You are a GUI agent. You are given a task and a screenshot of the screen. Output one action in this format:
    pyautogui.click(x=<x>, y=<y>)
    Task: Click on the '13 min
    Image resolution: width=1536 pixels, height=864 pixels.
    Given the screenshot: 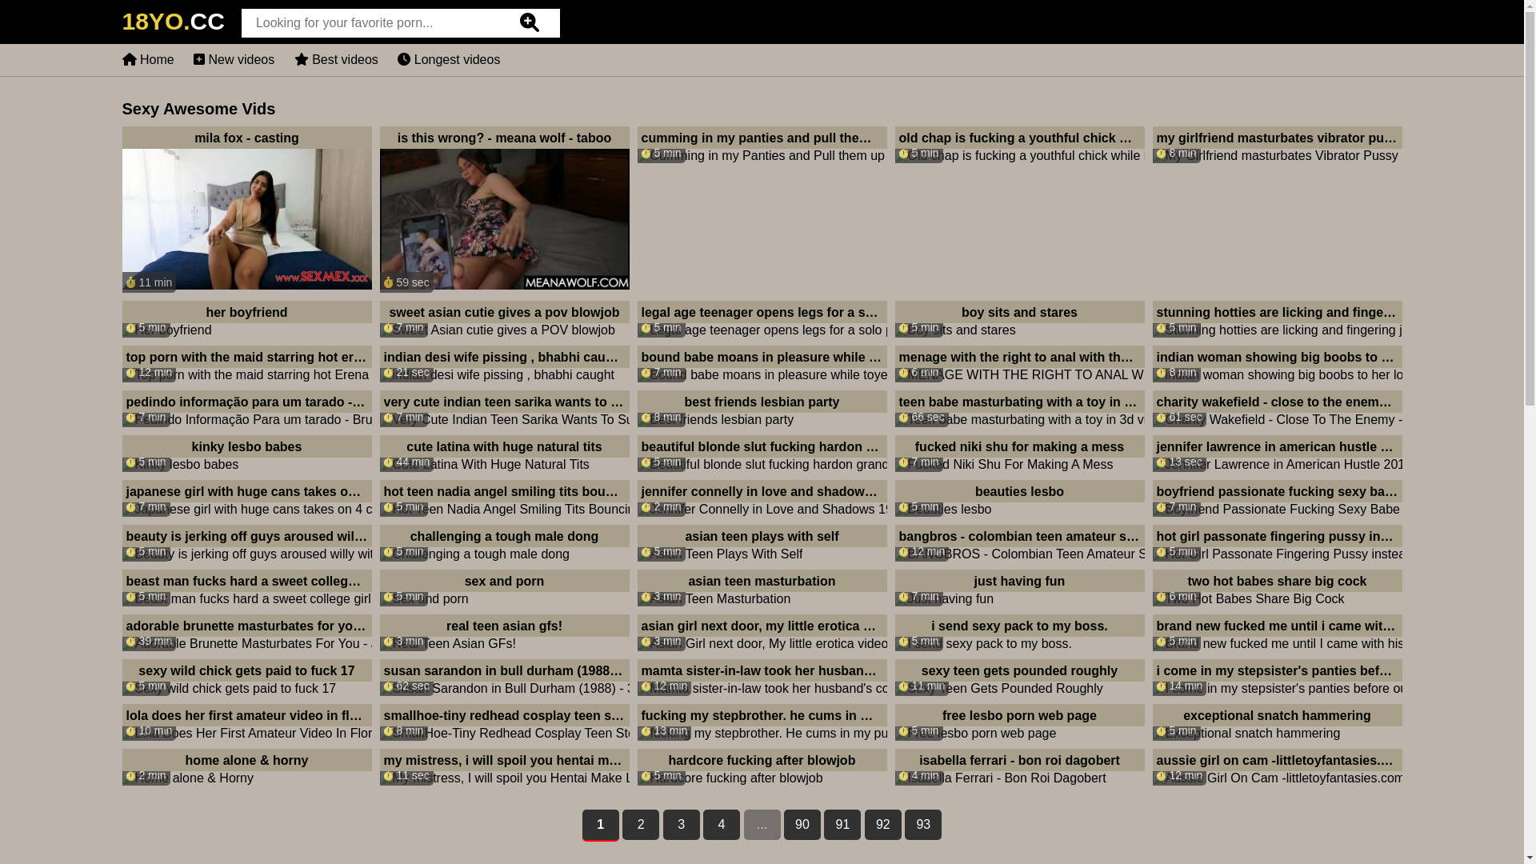 What is the action you would take?
    pyautogui.click(x=760, y=722)
    